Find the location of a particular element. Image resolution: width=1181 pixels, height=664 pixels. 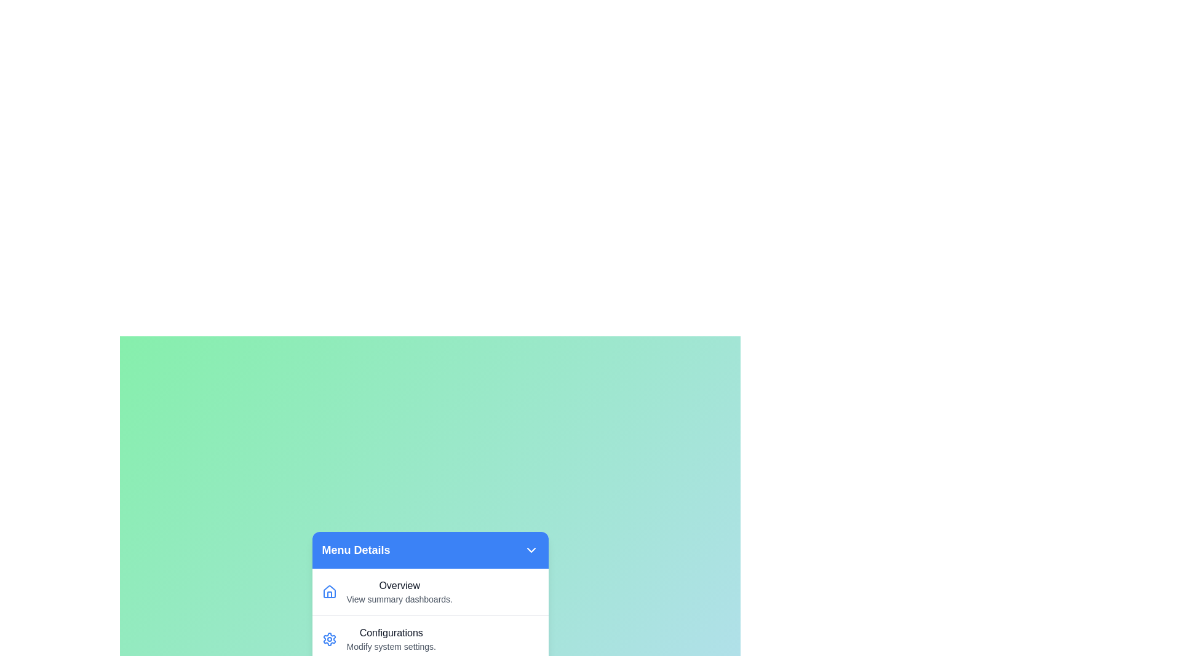

the toggle button at the top-right corner of the menu header to toggle the menu visibility is located at coordinates (531, 549).